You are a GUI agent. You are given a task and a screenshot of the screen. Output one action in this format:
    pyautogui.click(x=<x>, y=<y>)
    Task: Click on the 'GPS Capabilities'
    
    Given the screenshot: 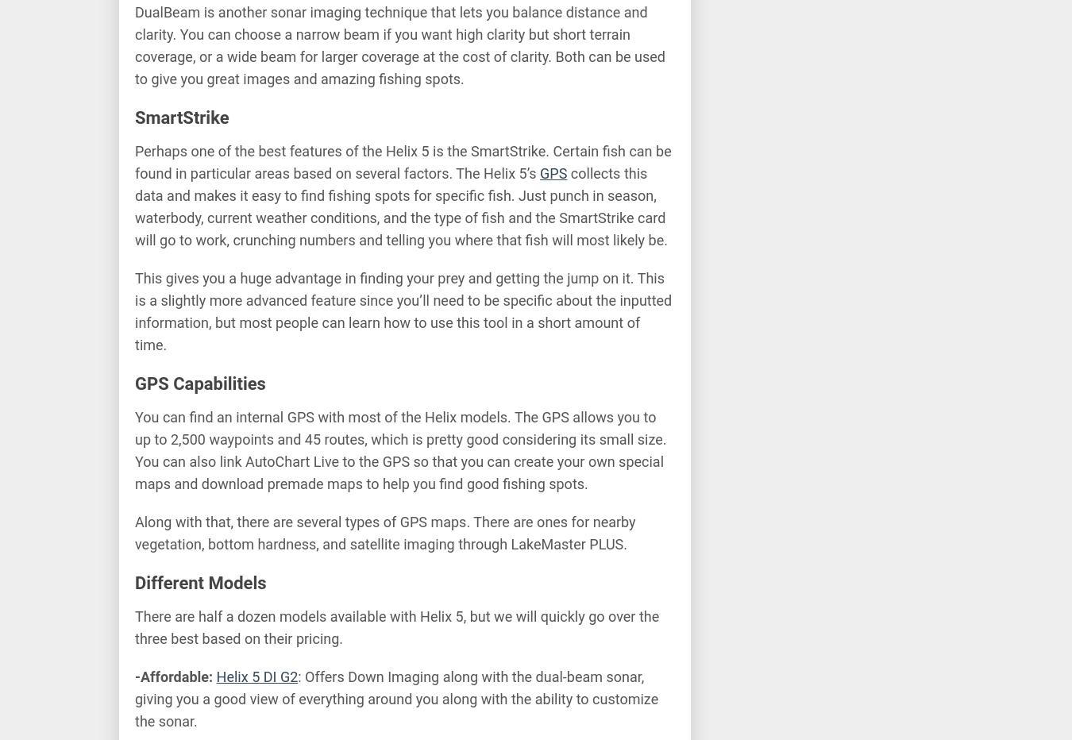 What is the action you would take?
    pyautogui.click(x=199, y=383)
    